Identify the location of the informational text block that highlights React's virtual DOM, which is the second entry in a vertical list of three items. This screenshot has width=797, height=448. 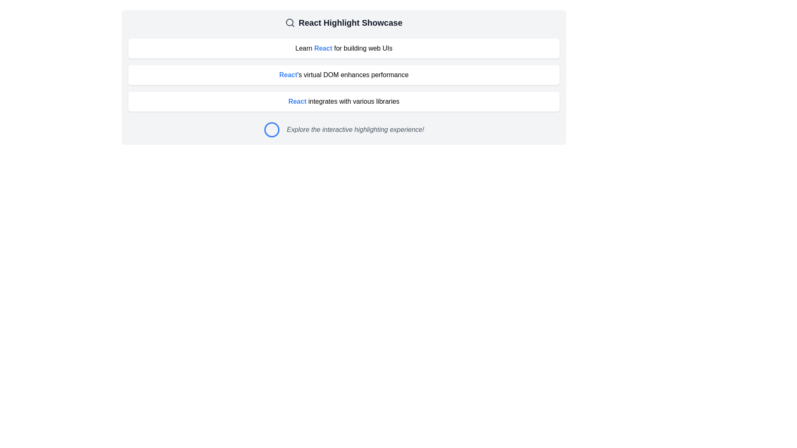
(344, 75).